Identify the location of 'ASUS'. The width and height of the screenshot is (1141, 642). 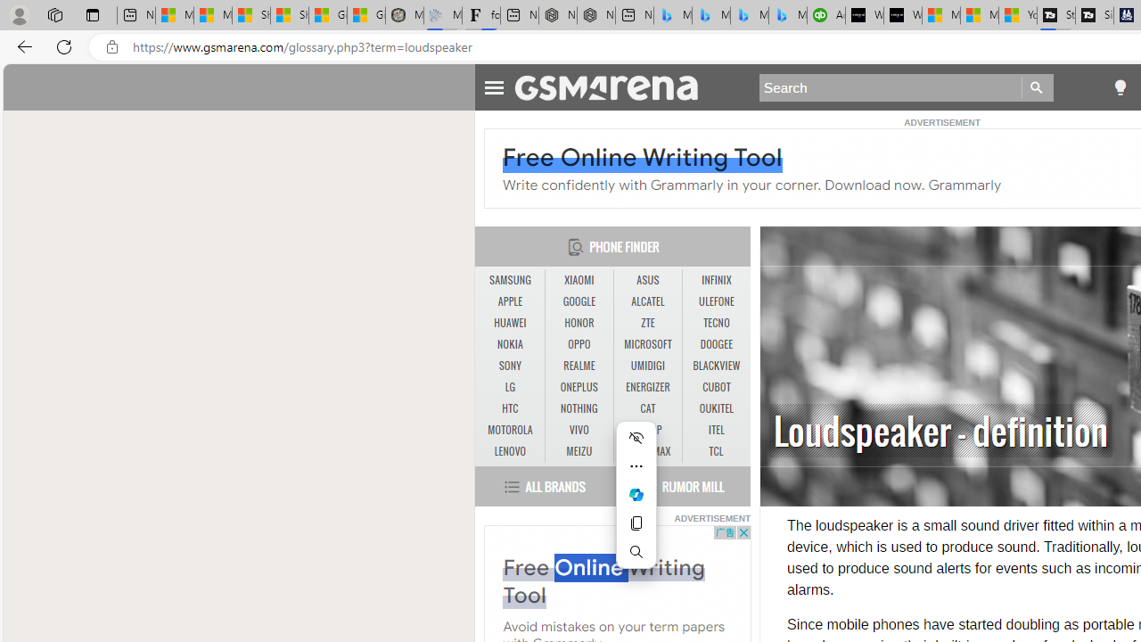
(647, 280).